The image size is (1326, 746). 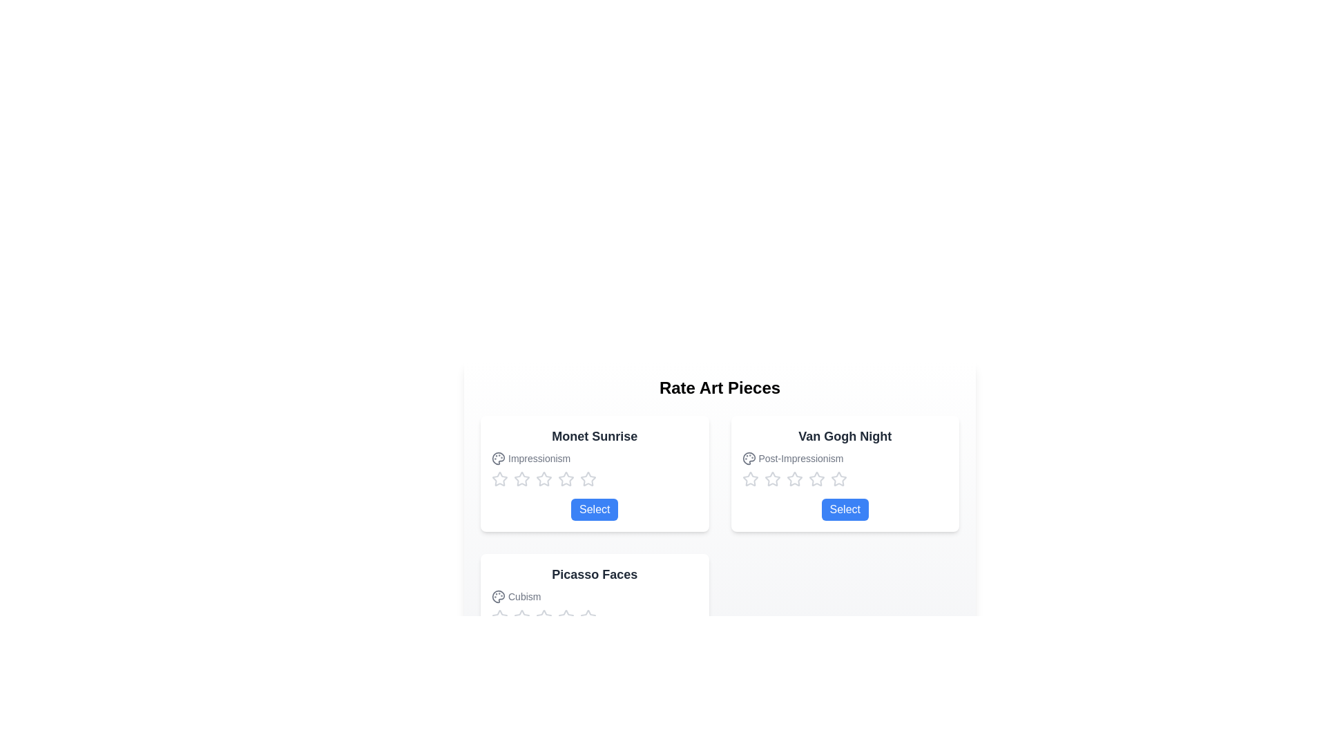 I want to click on the painter's palette icon located in the 'Picasso Faces' section, which is positioned to the left of the text 'Cubism', so click(x=497, y=596).